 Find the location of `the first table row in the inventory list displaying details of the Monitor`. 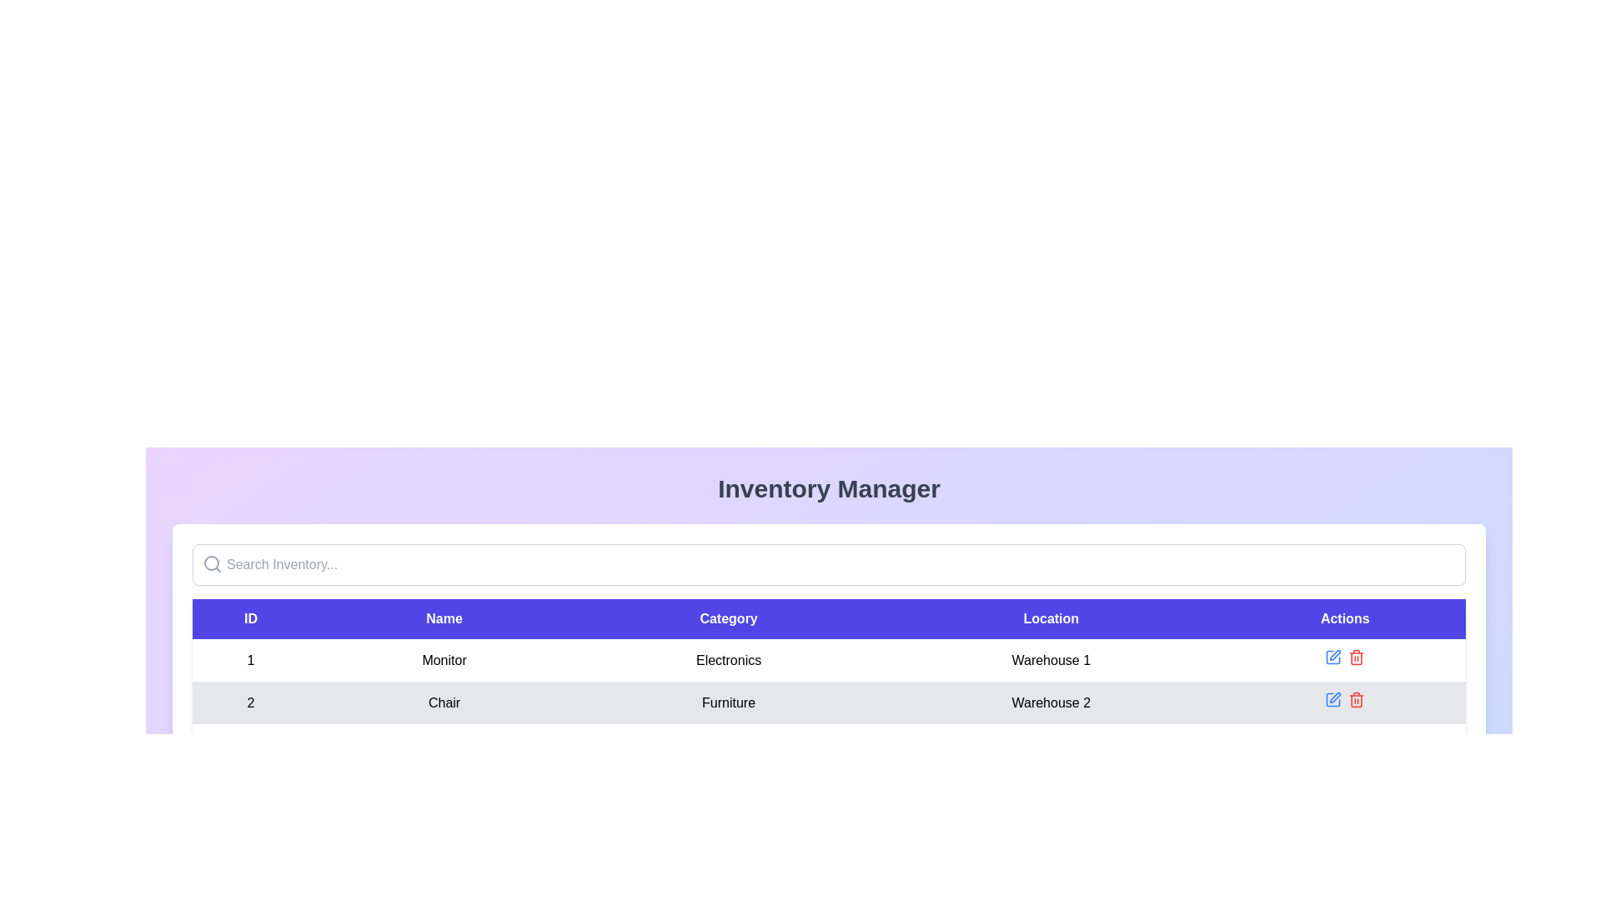

the first table row in the inventory list displaying details of the Monitor is located at coordinates (829, 659).